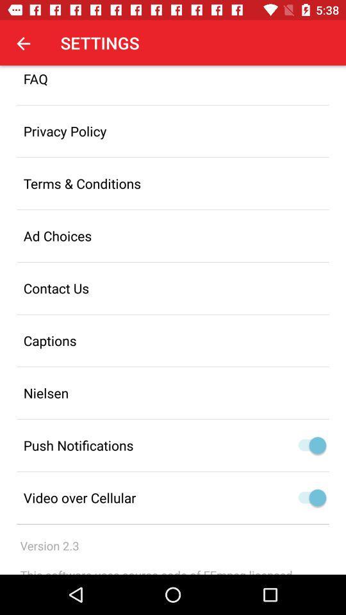 The width and height of the screenshot is (346, 615). Describe the element at coordinates (308, 497) in the screenshot. I see `video over cellular settings option` at that location.